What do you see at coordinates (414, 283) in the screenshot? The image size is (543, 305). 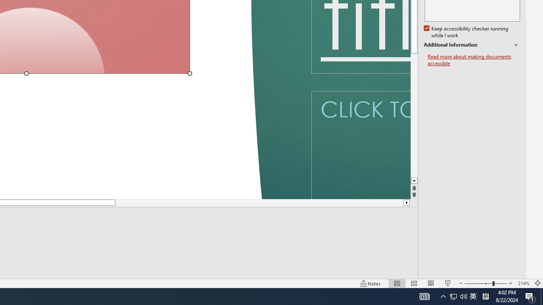 I see `'Slide Sorter'` at bounding box center [414, 283].